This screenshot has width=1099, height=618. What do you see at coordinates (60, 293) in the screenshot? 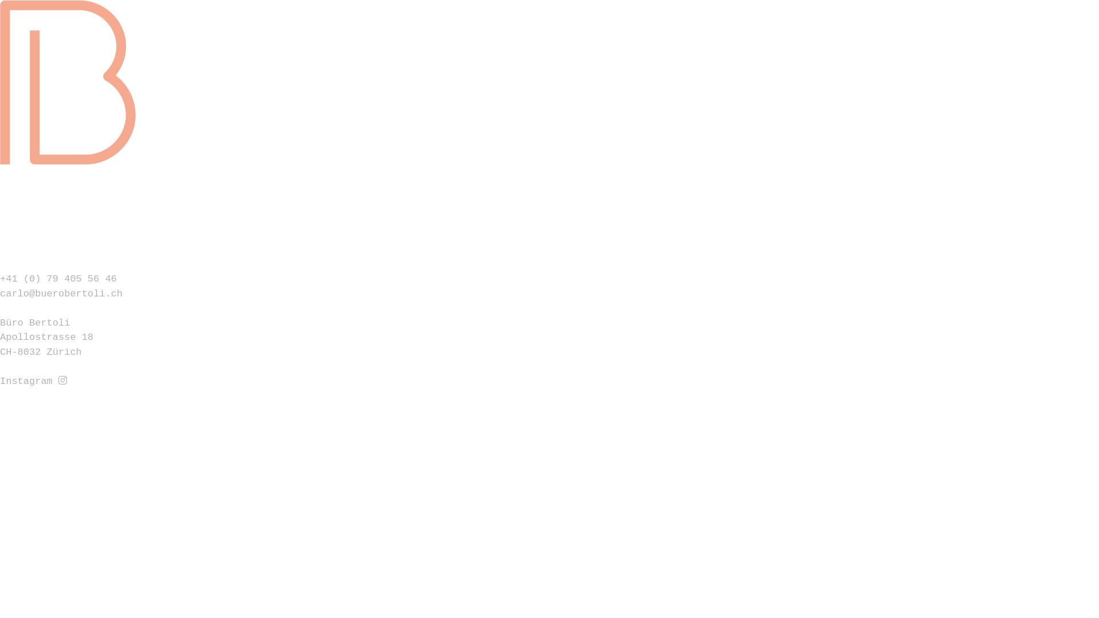
I see `'carlo@buerobertoli.ch'` at bounding box center [60, 293].